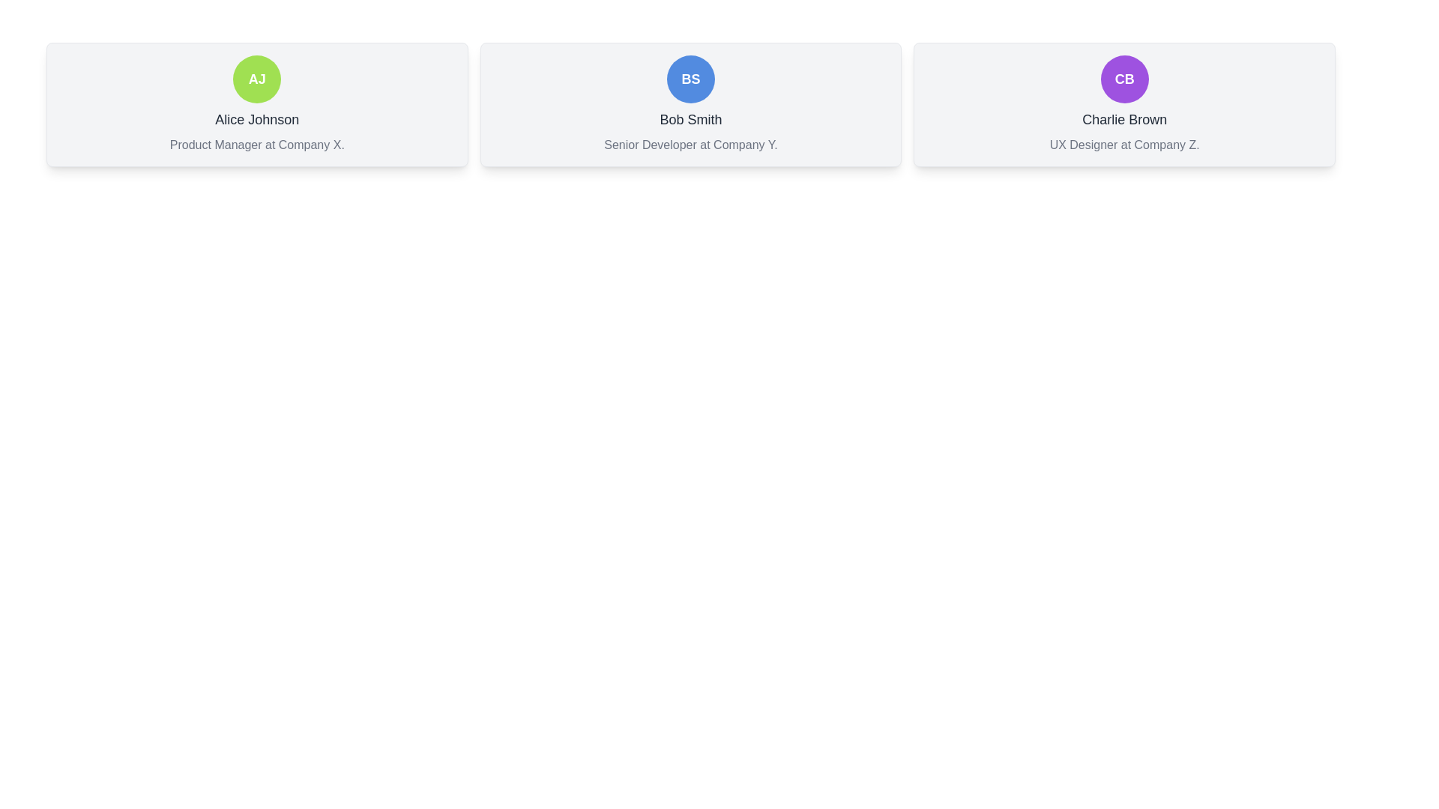 This screenshot has height=809, width=1439. Describe the element at coordinates (1124, 79) in the screenshot. I see `the Avatar or Profile Icon representing the user 'Charlie Brown' located at the top of a card in the rightmost column of the layout` at that location.